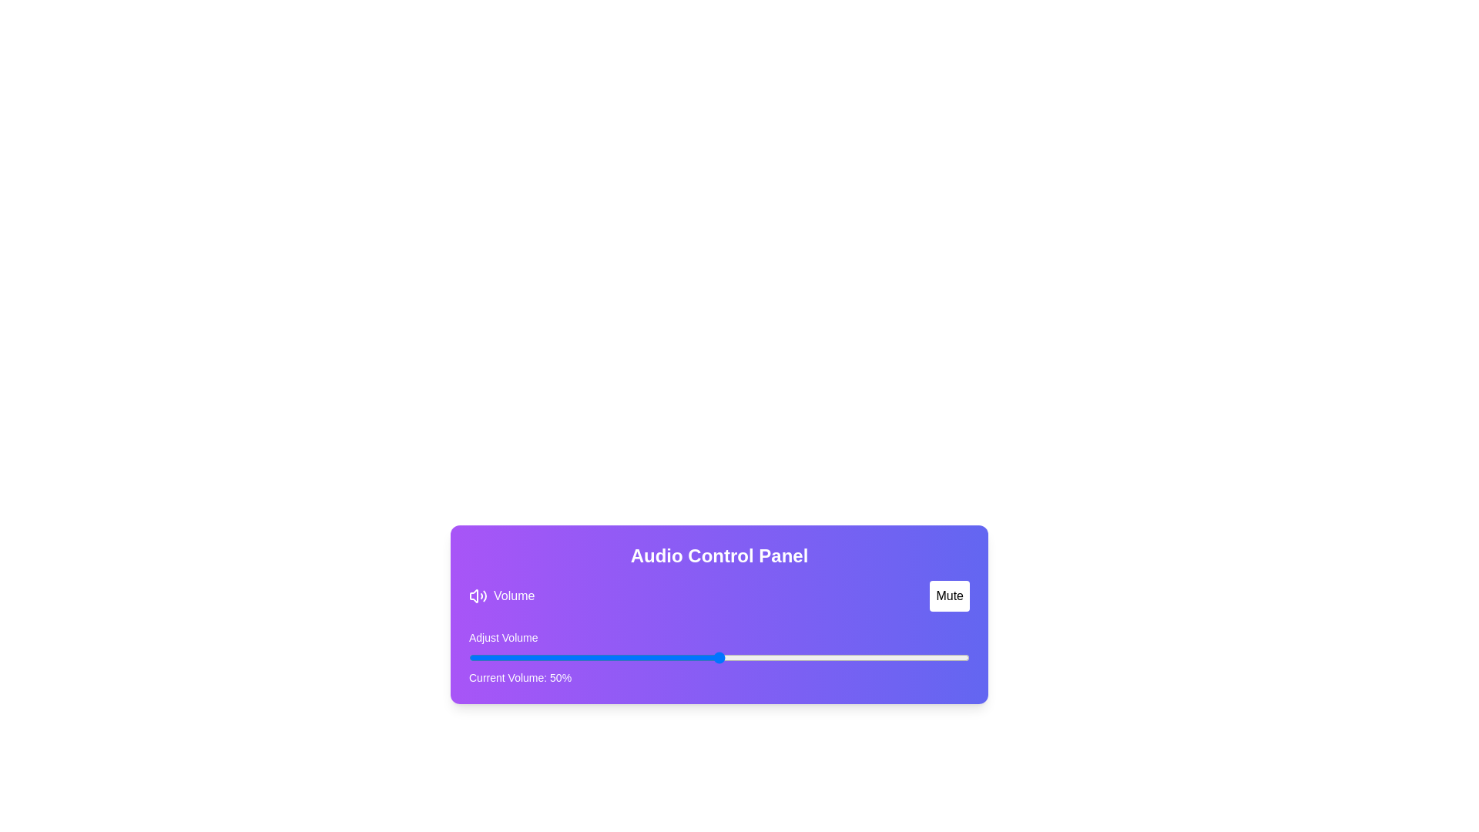 The image size is (1479, 832). What do you see at coordinates (713, 657) in the screenshot?
I see `the volume slider` at bounding box center [713, 657].